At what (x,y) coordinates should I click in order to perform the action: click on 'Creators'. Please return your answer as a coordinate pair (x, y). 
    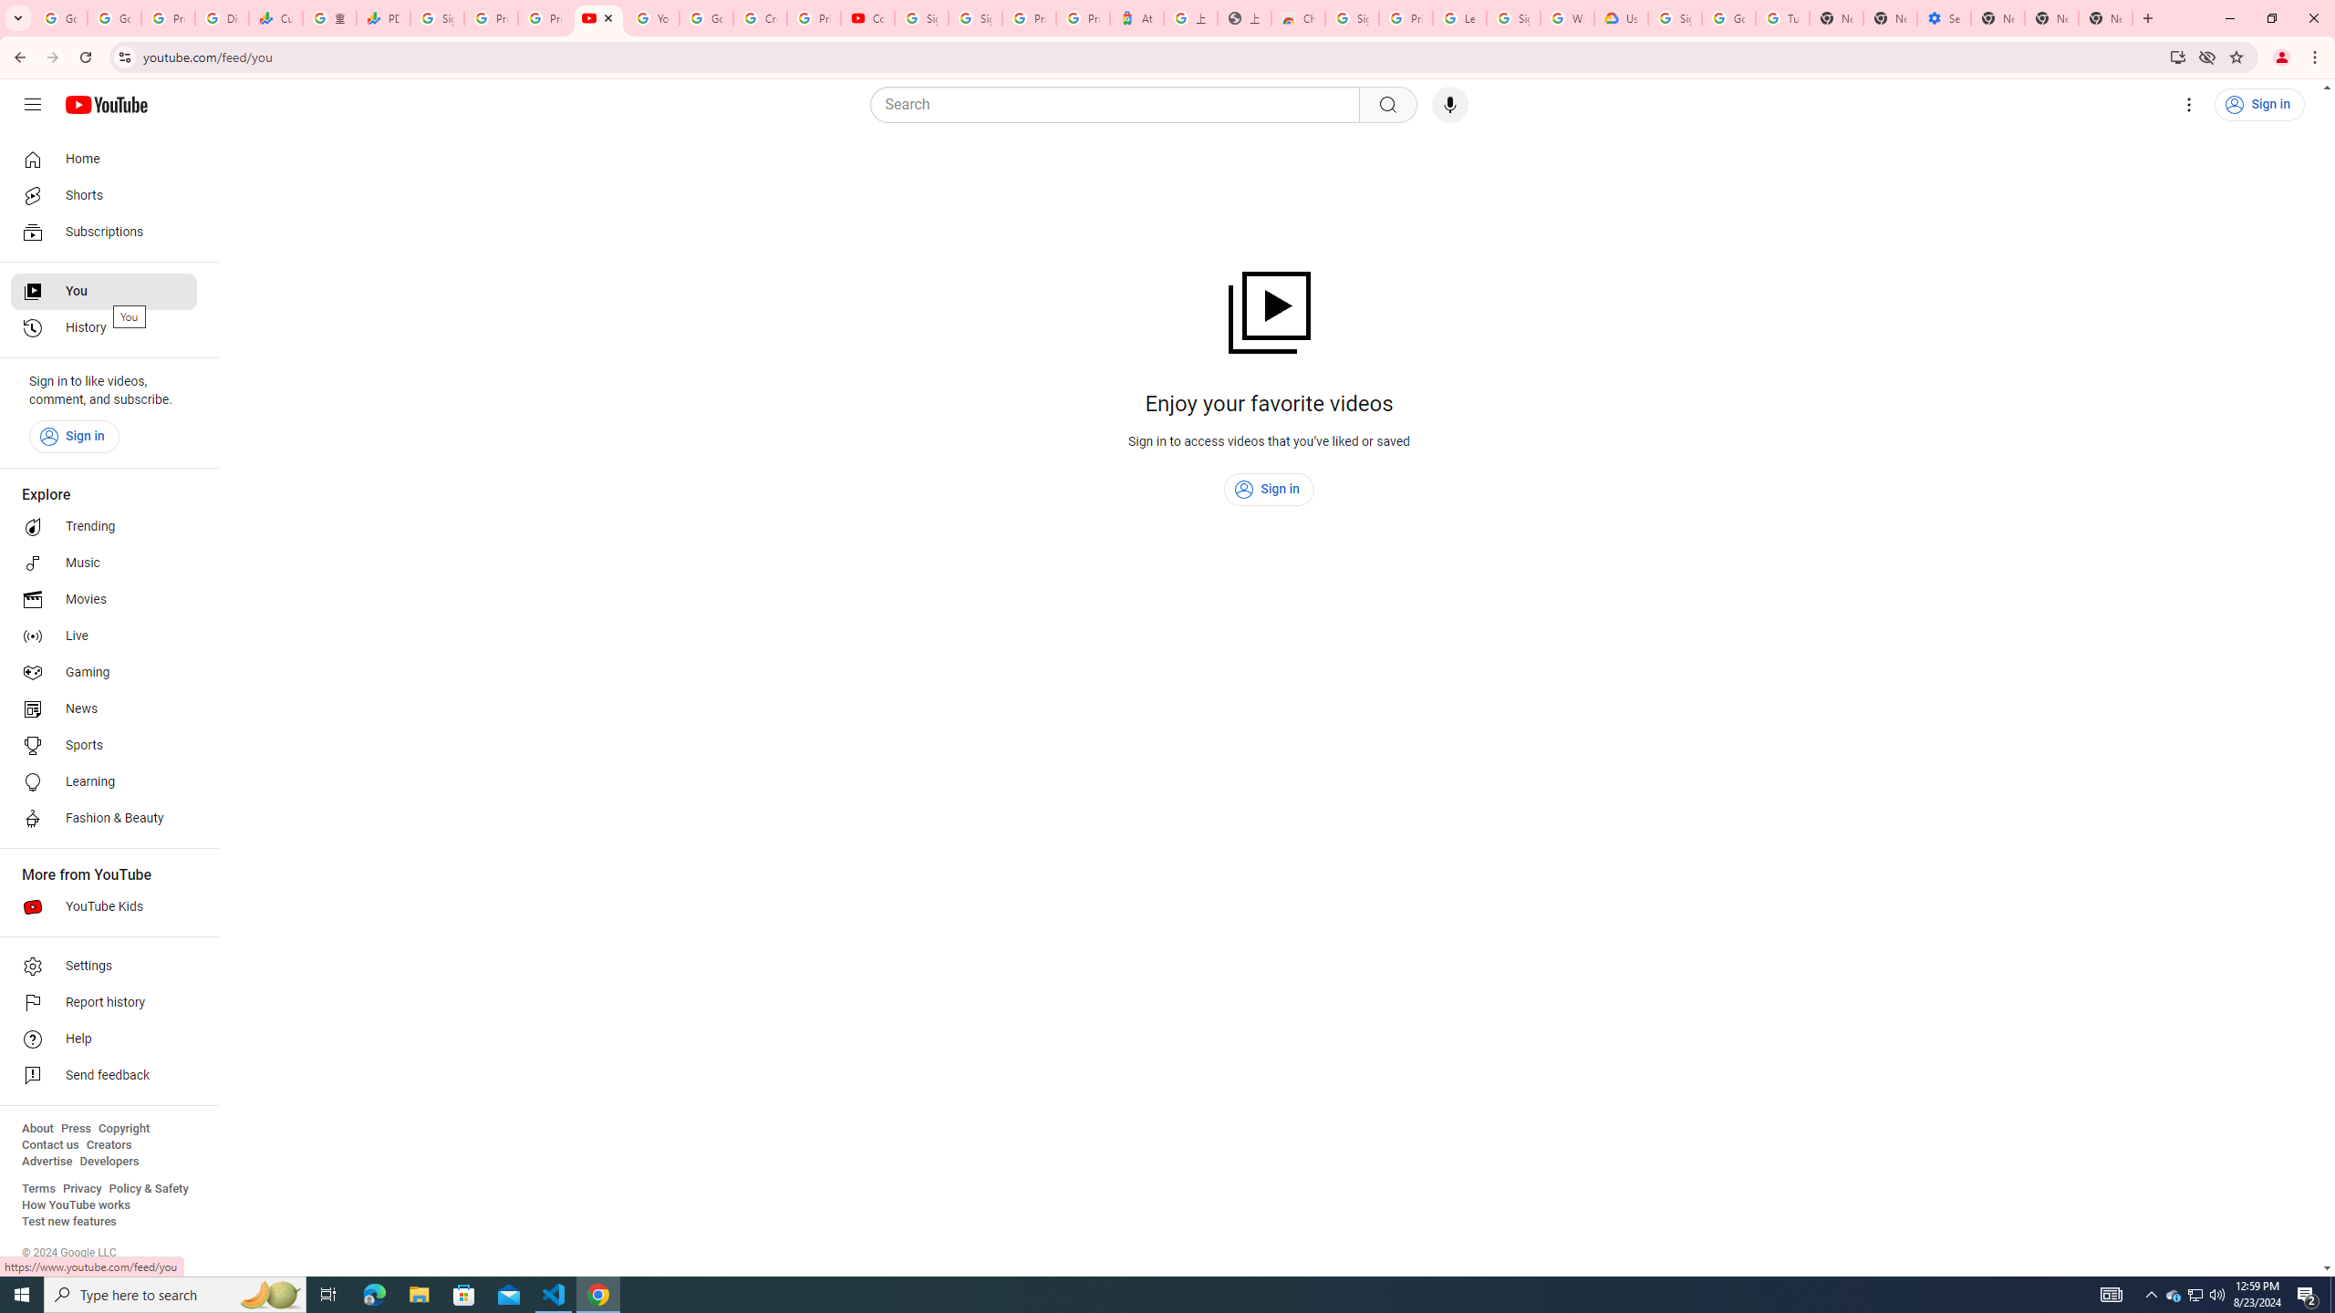
    Looking at the image, I should click on (109, 1144).